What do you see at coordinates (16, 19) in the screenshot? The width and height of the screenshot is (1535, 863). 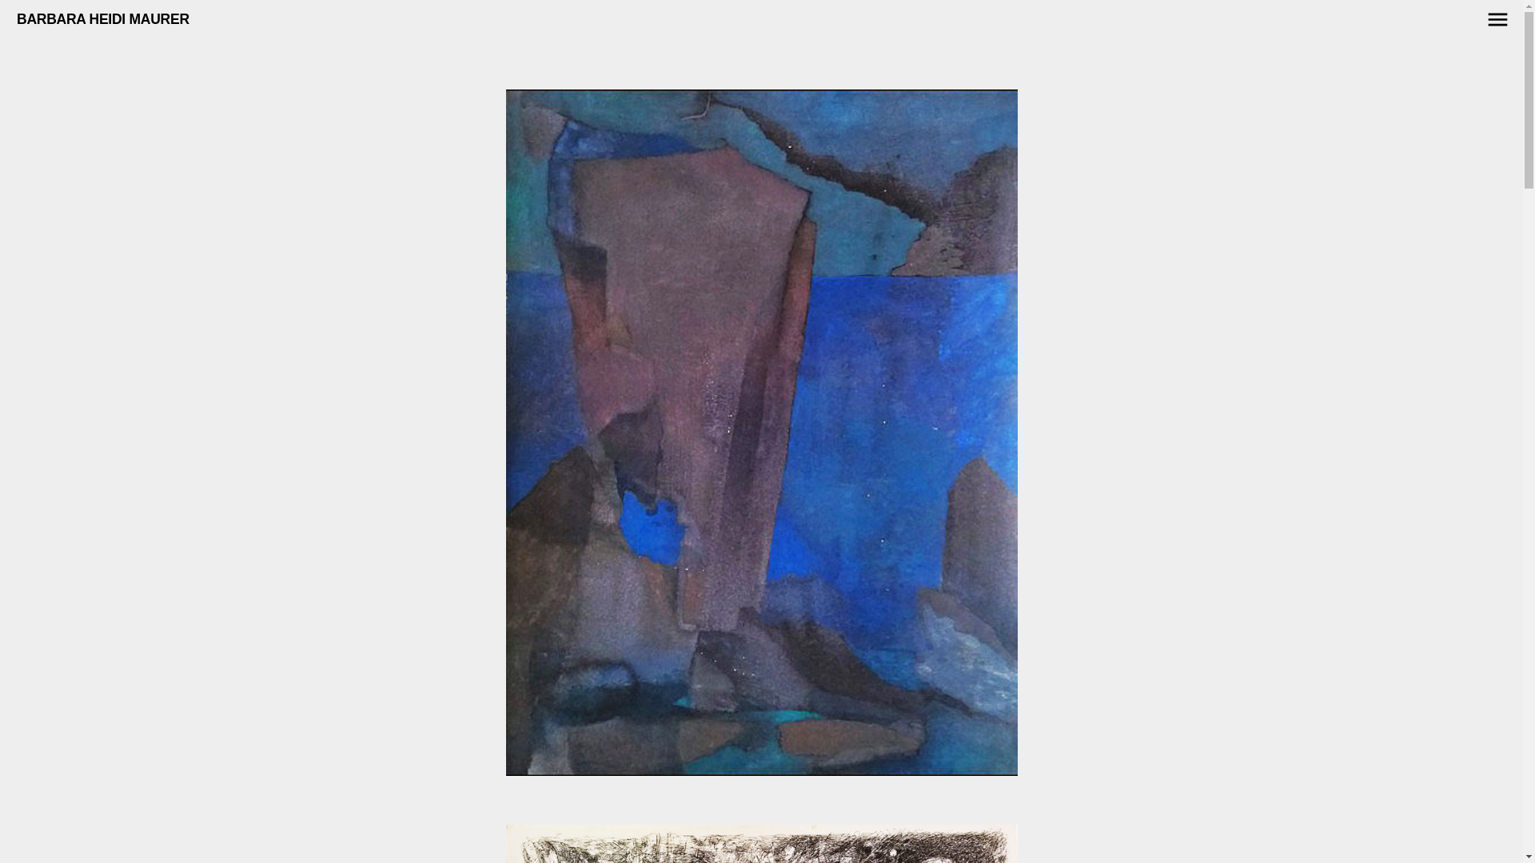 I see `'BARBARA HEIDI MAURER'` at bounding box center [16, 19].